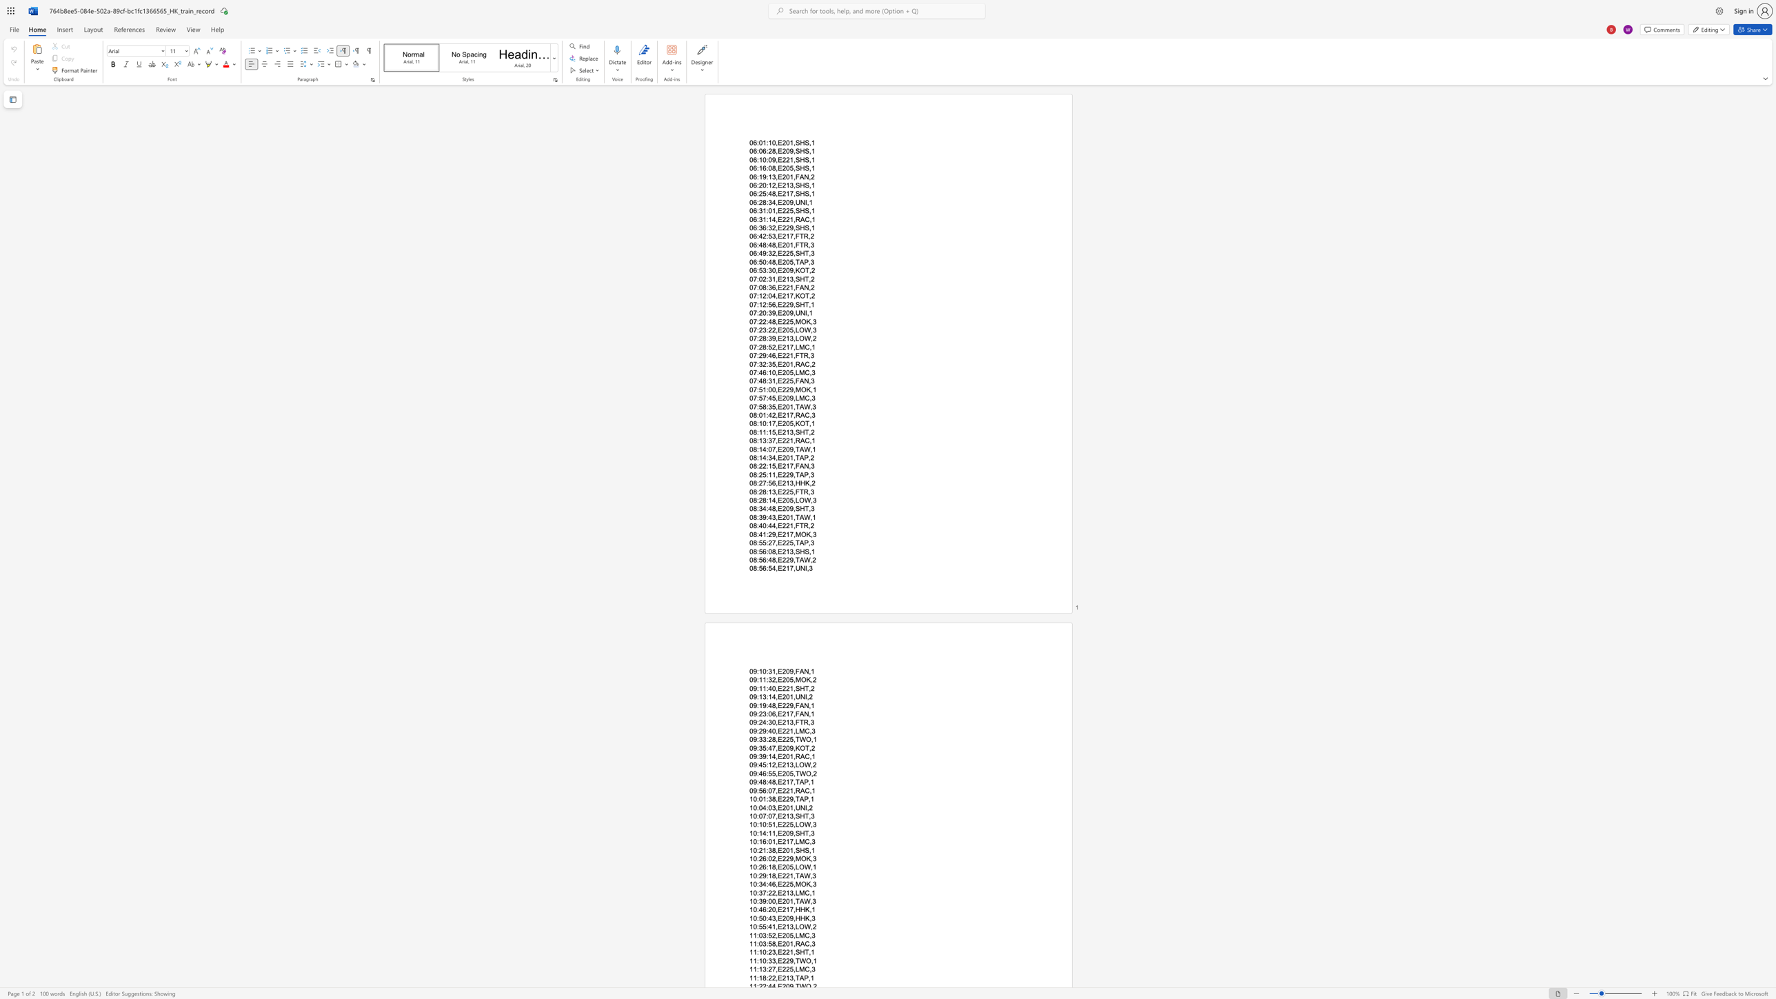 This screenshot has width=1776, height=999. What do you see at coordinates (775, 466) in the screenshot?
I see `the space between the continuous character "5" and "," in the text` at bounding box center [775, 466].